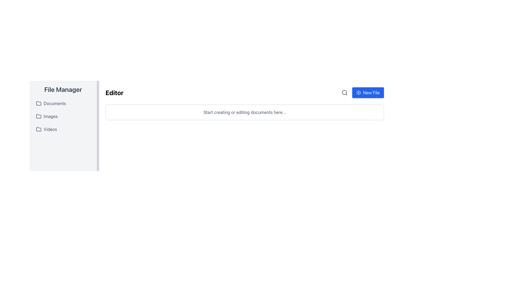  What do you see at coordinates (114, 92) in the screenshot?
I see `the Text Label indicating the 'Editor' area, which is positioned to the right of the 'File Manager' sidebar in the main content section` at bounding box center [114, 92].